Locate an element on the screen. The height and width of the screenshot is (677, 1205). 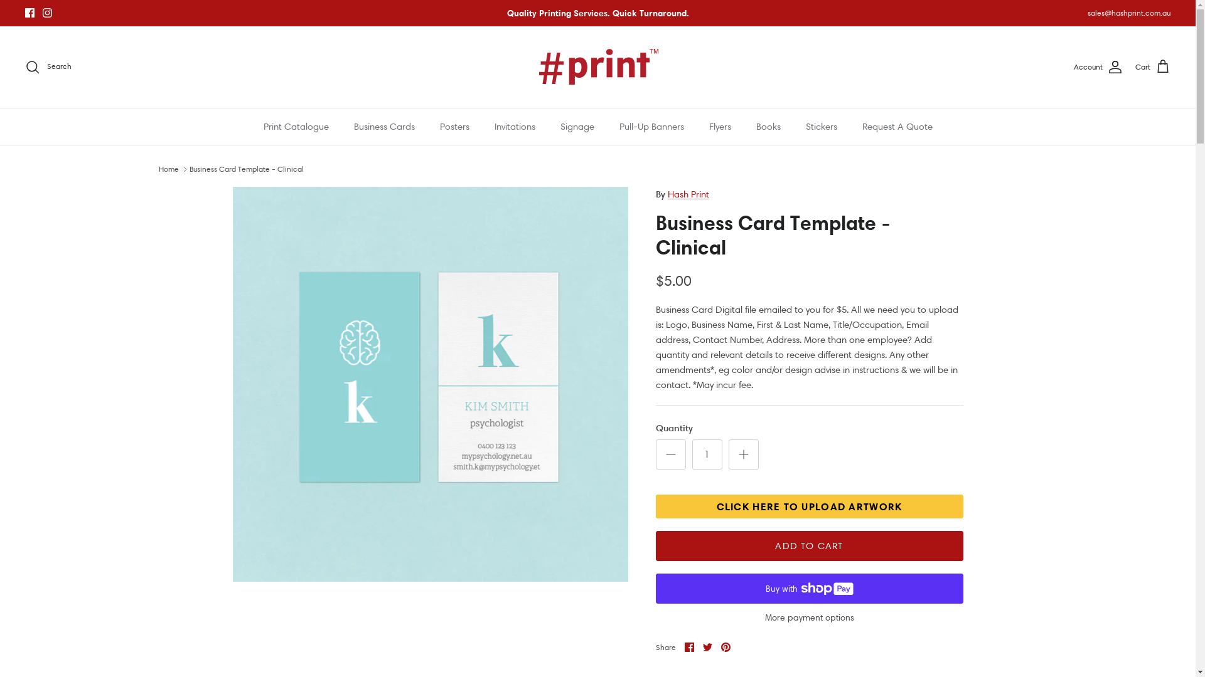
'Pinterest is located at coordinates (725, 647).